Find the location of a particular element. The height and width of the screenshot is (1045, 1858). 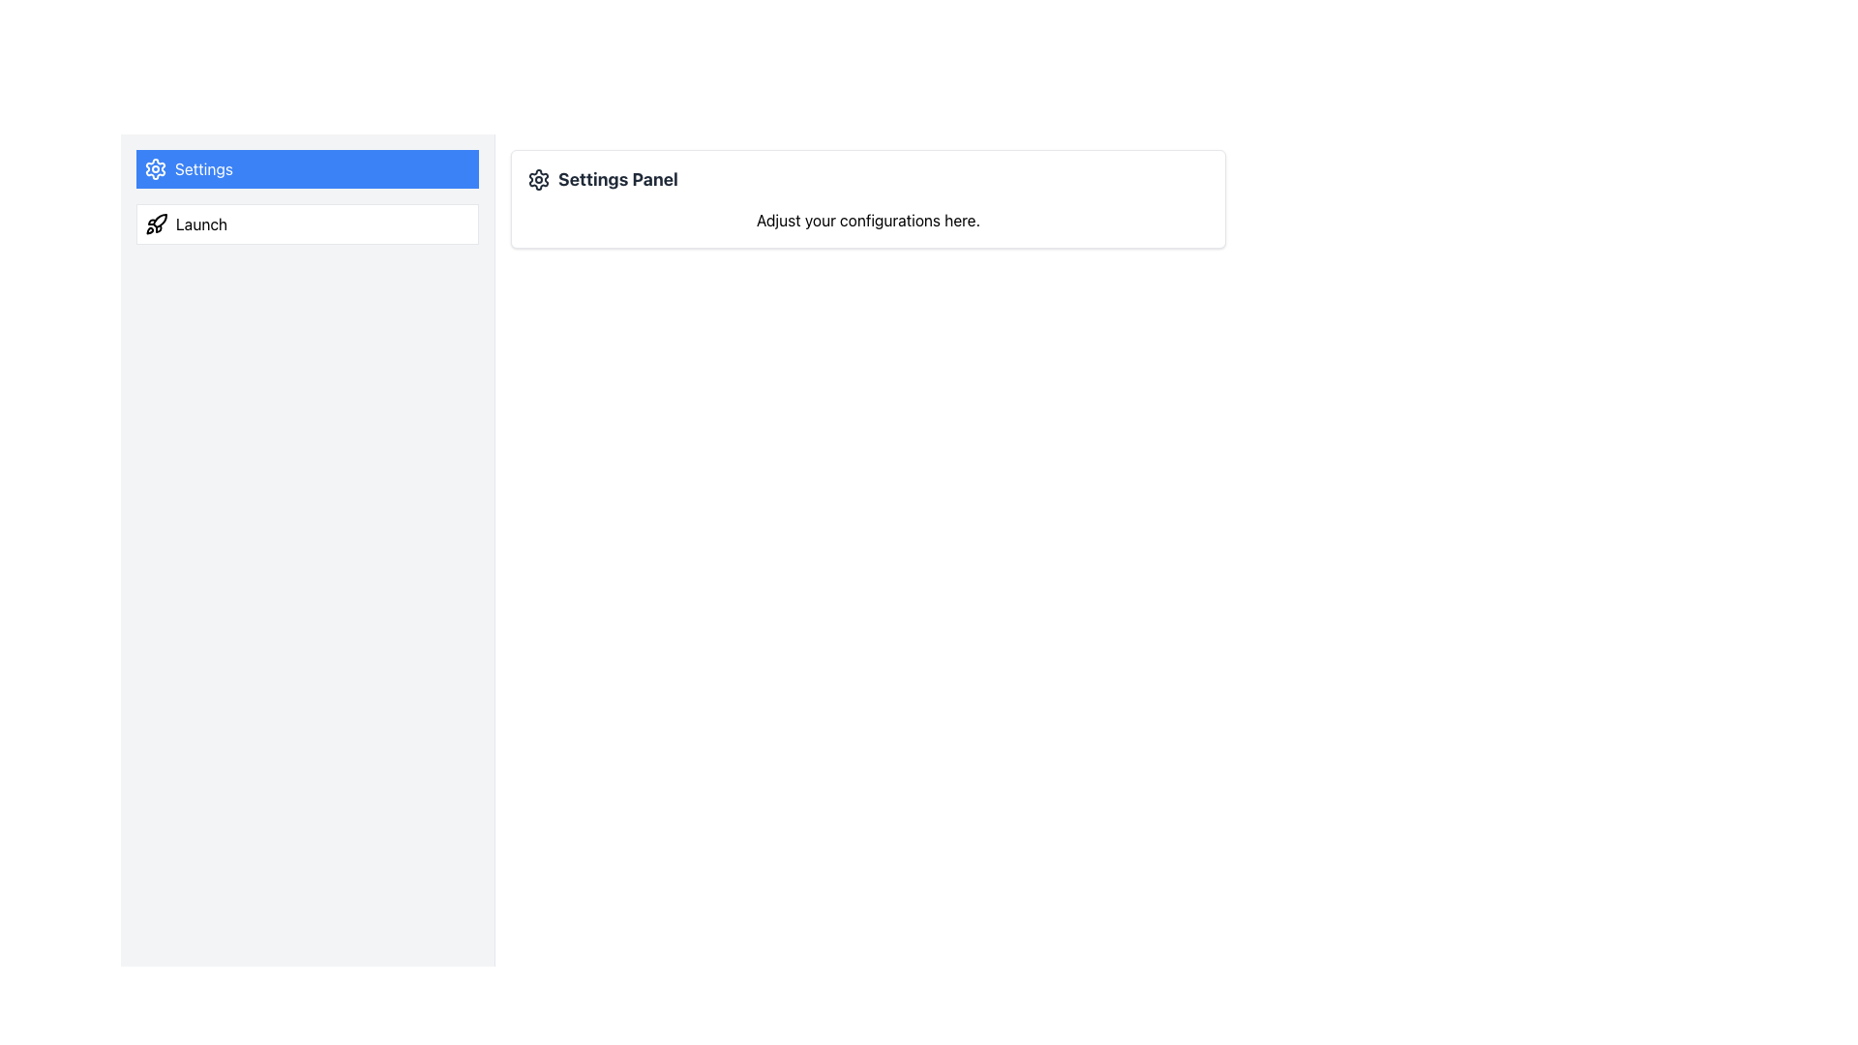

the gear icon representing the 'Settings' section in the sidebar menu, located near the top of the navigation panel is located at coordinates (156, 167).